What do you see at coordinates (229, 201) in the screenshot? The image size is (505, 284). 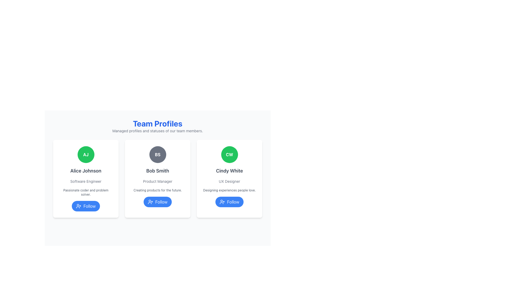 I see `the 'Follow' button with rounded edges, styled in vibrant blue, located at the bottom of Cindy White's profile card` at bounding box center [229, 201].